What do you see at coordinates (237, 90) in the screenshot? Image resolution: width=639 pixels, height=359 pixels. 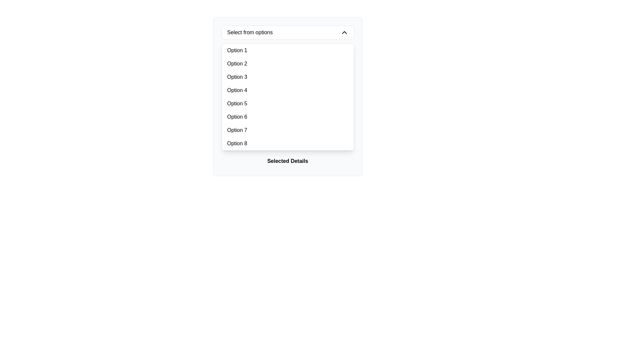 I see `the Text label that serves as the selectable item for 'Option 4' in the dropdown menu` at bounding box center [237, 90].